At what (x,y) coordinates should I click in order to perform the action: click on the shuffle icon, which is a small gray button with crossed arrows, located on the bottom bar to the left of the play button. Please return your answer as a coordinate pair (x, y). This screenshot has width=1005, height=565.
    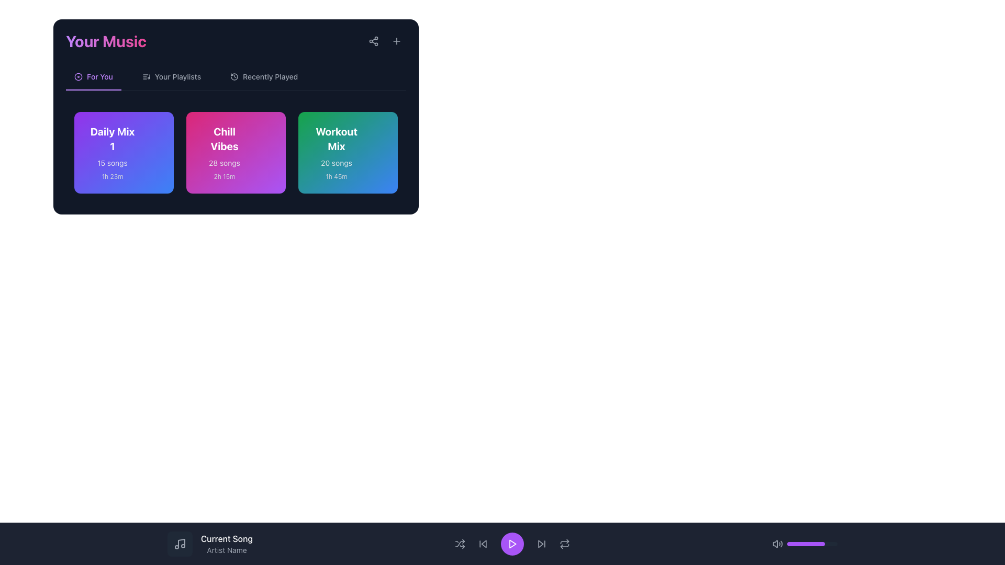
    Looking at the image, I should click on (460, 544).